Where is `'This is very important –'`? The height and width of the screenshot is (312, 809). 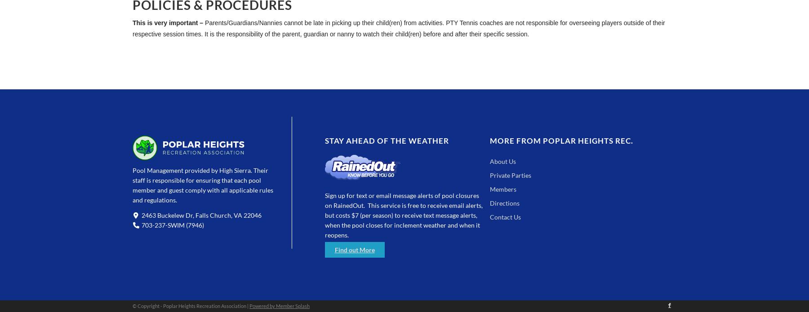
'This is very important –' is located at coordinates (132, 23).